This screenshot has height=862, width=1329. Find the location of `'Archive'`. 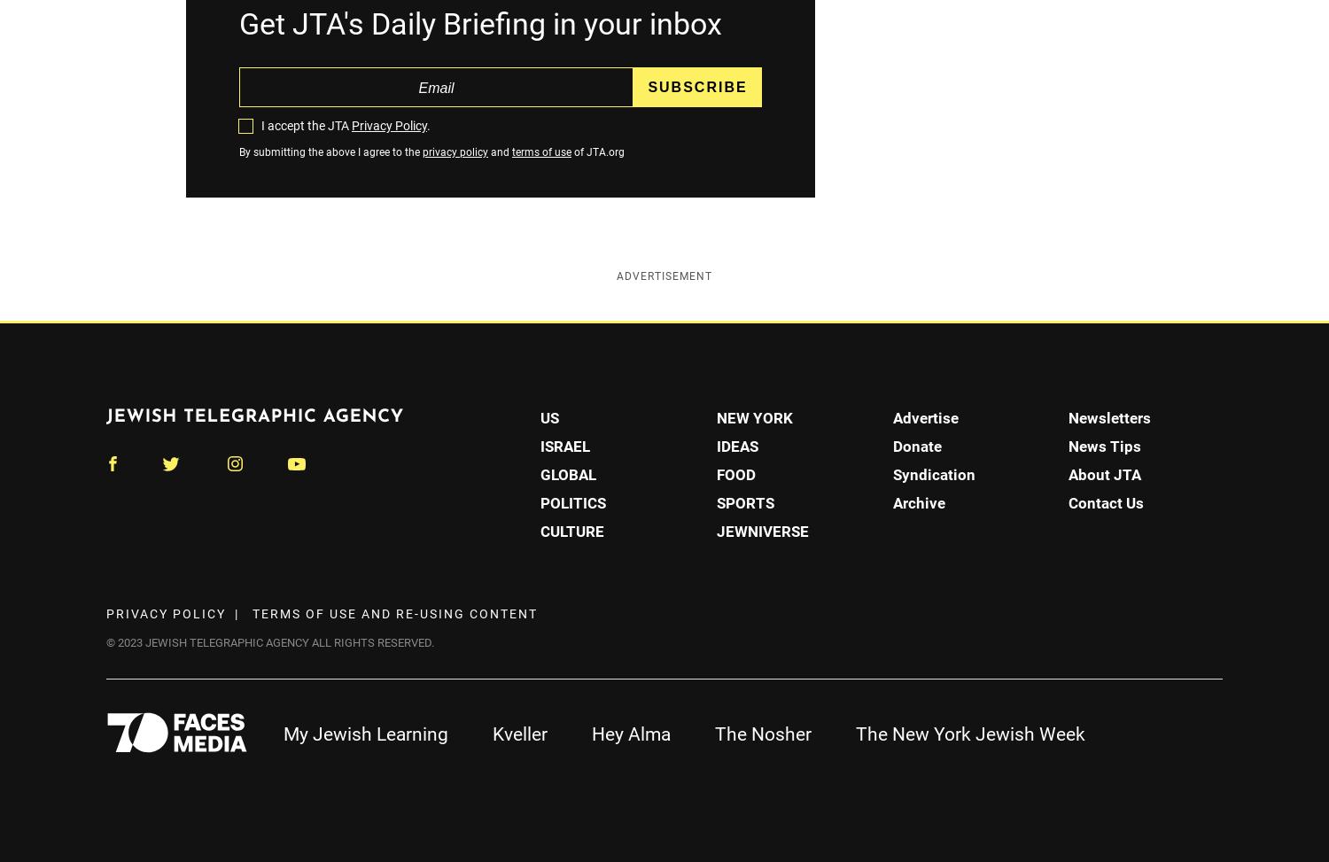

'Archive' is located at coordinates (918, 501).